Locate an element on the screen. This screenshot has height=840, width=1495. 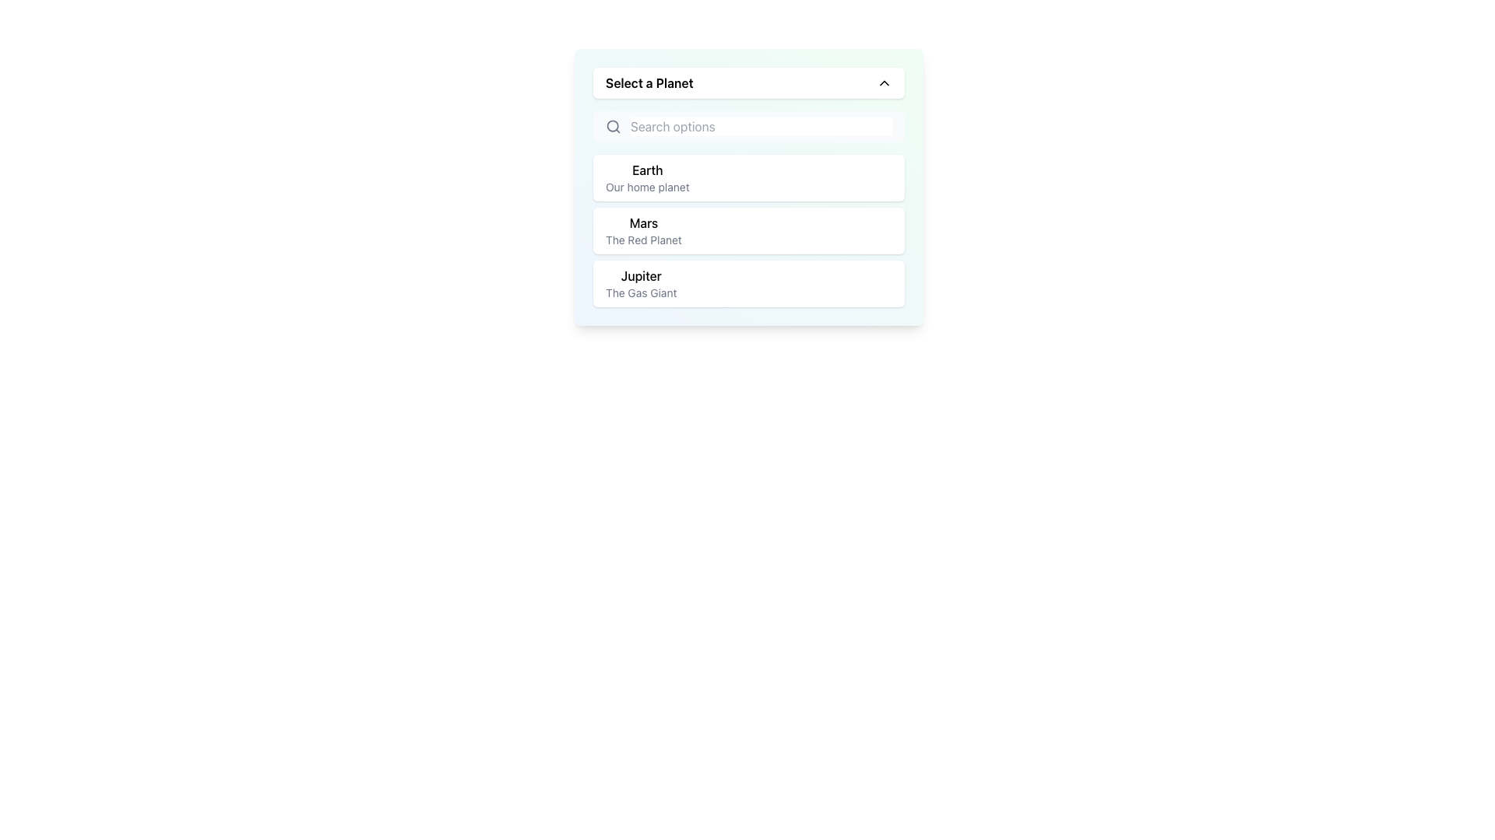
the upward-facing chevron icon located at the far right side of the 'Select a Planet' text is located at coordinates (885, 83).